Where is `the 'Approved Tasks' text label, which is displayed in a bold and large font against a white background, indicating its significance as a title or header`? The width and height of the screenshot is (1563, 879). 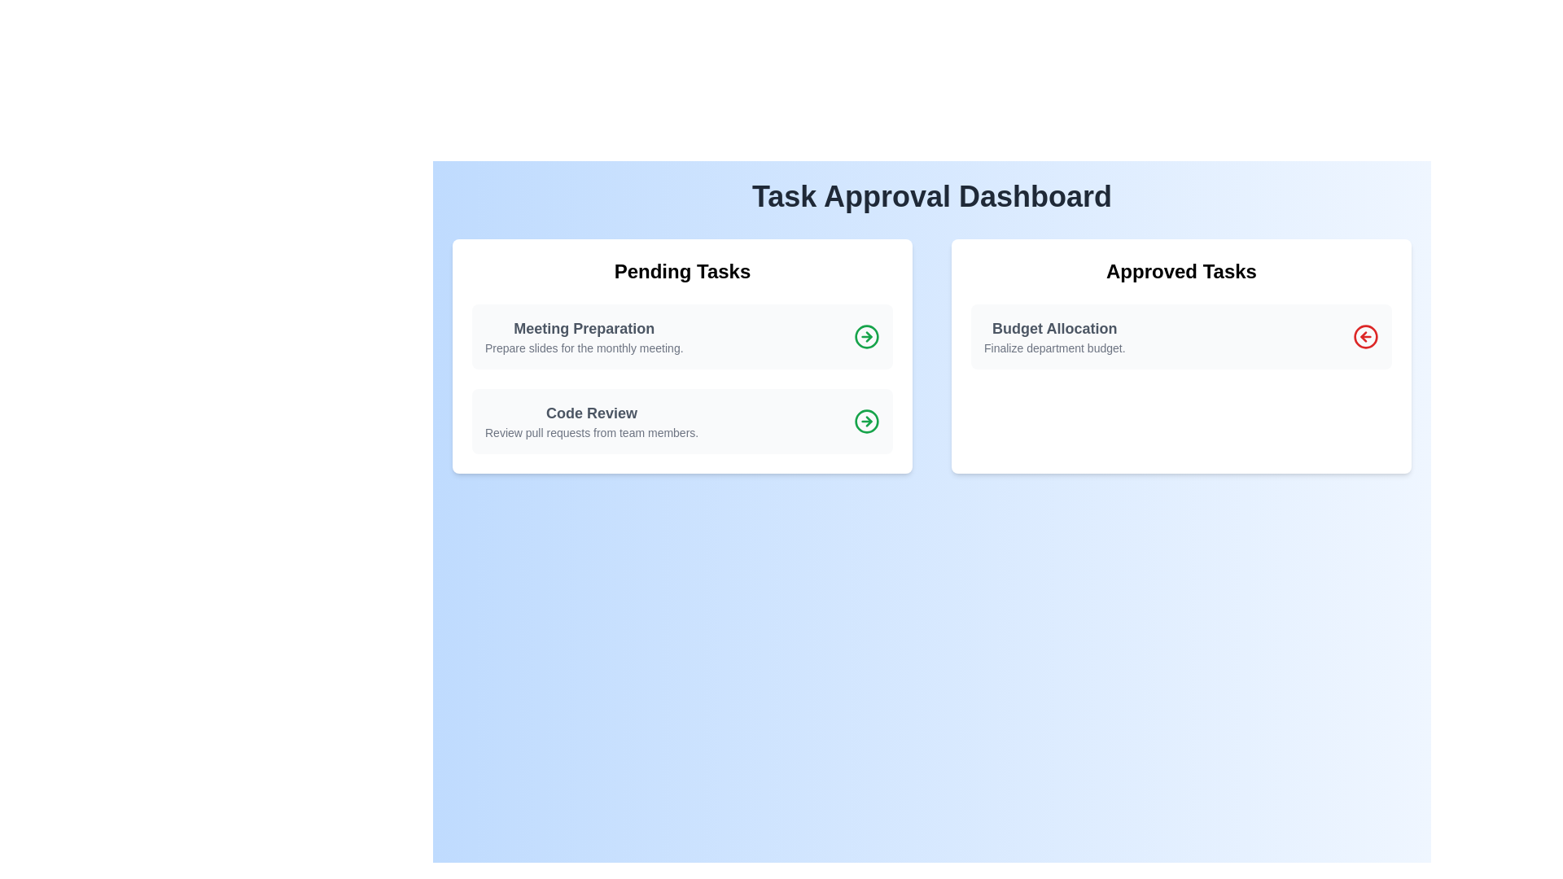 the 'Approved Tasks' text label, which is displayed in a bold and large font against a white background, indicating its significance as a title or header is located at coordinates (1181, 271).